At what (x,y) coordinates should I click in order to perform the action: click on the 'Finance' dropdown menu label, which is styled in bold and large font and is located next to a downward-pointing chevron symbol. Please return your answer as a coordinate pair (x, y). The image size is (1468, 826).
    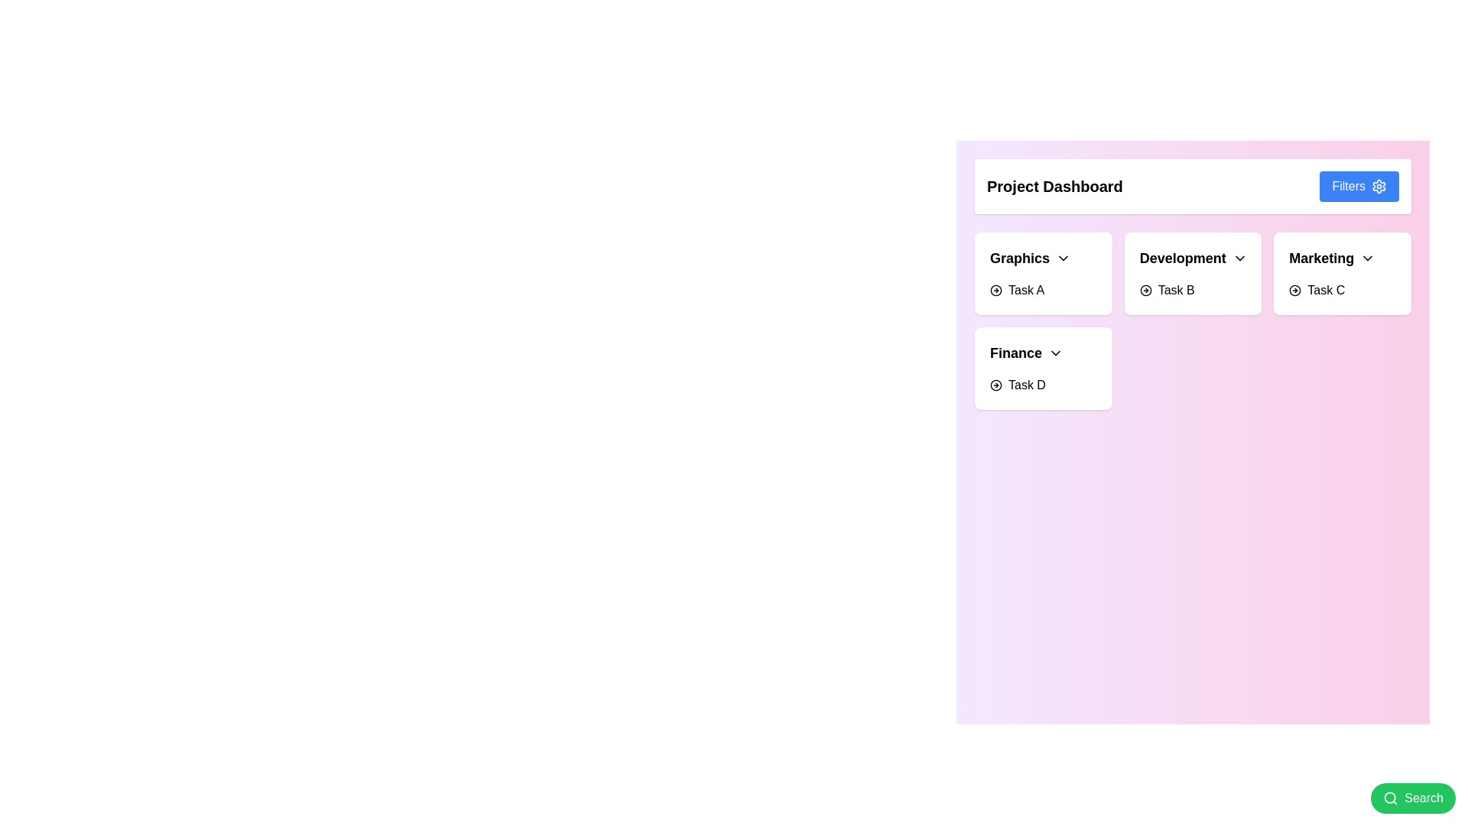
    Looking at the image, I should click on (1027, 353).